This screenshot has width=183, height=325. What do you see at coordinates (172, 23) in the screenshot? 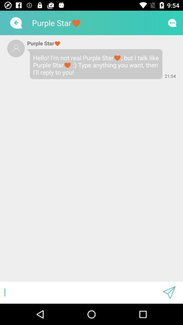
I see `the chat icon` at bounding box center [172, 23].